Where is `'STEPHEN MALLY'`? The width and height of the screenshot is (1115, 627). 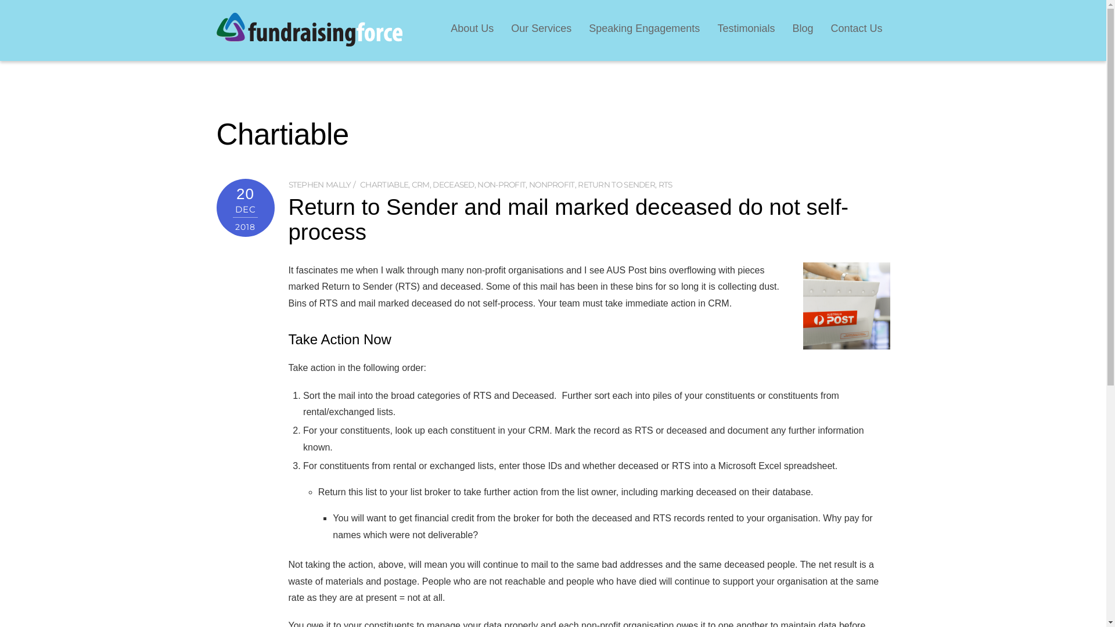 'STEPHEN MALLY' is located at coordinates (319, 183).